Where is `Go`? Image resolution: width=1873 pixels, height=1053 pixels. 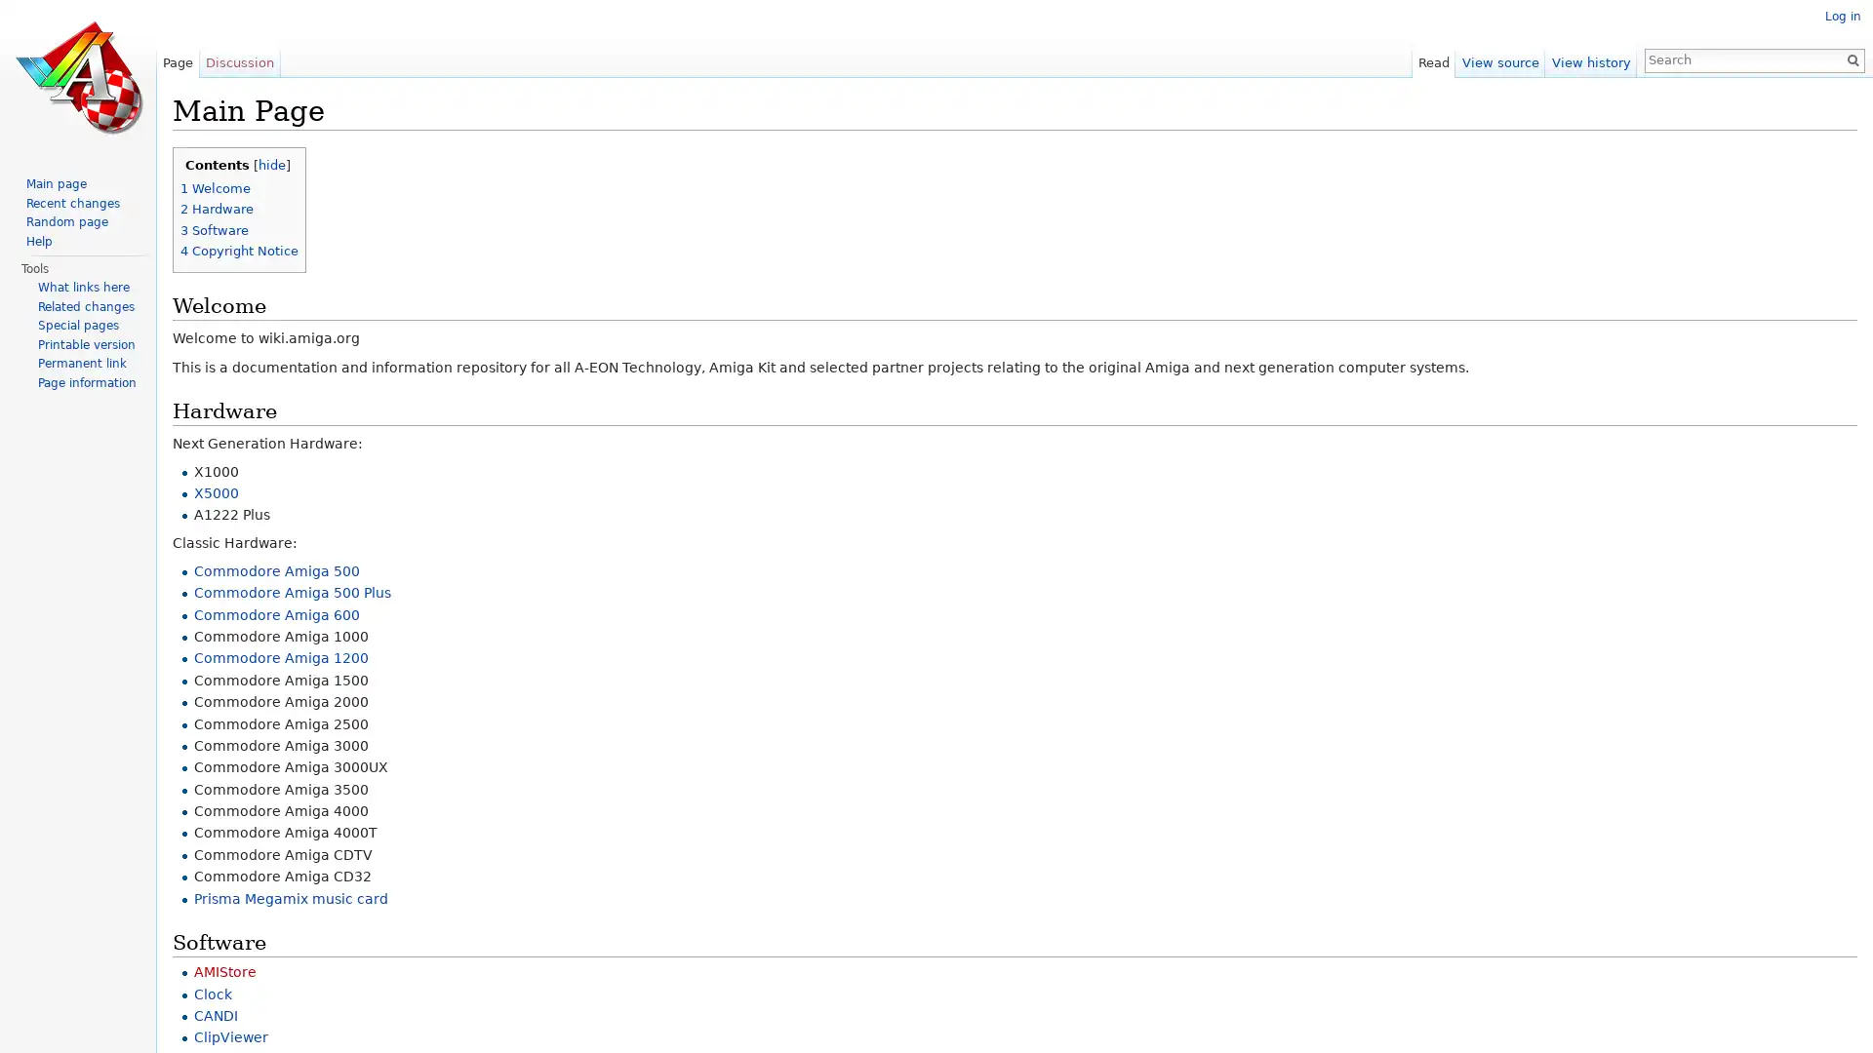
Go is located at coordinates (1844, 58).